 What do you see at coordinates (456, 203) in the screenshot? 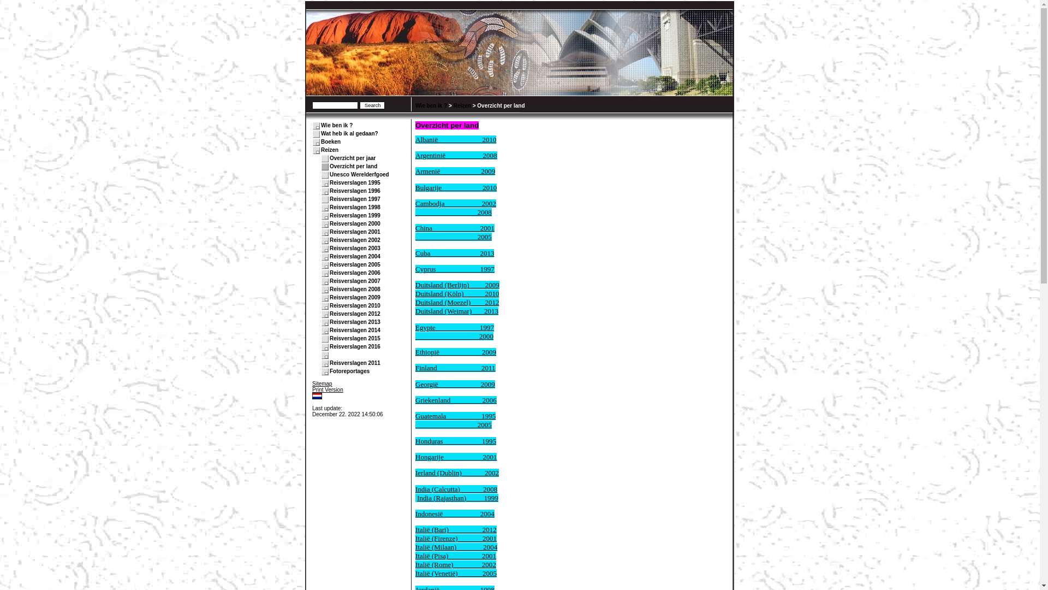
I see `'Cambodja                     2002'` at bounding box center [456, 203].